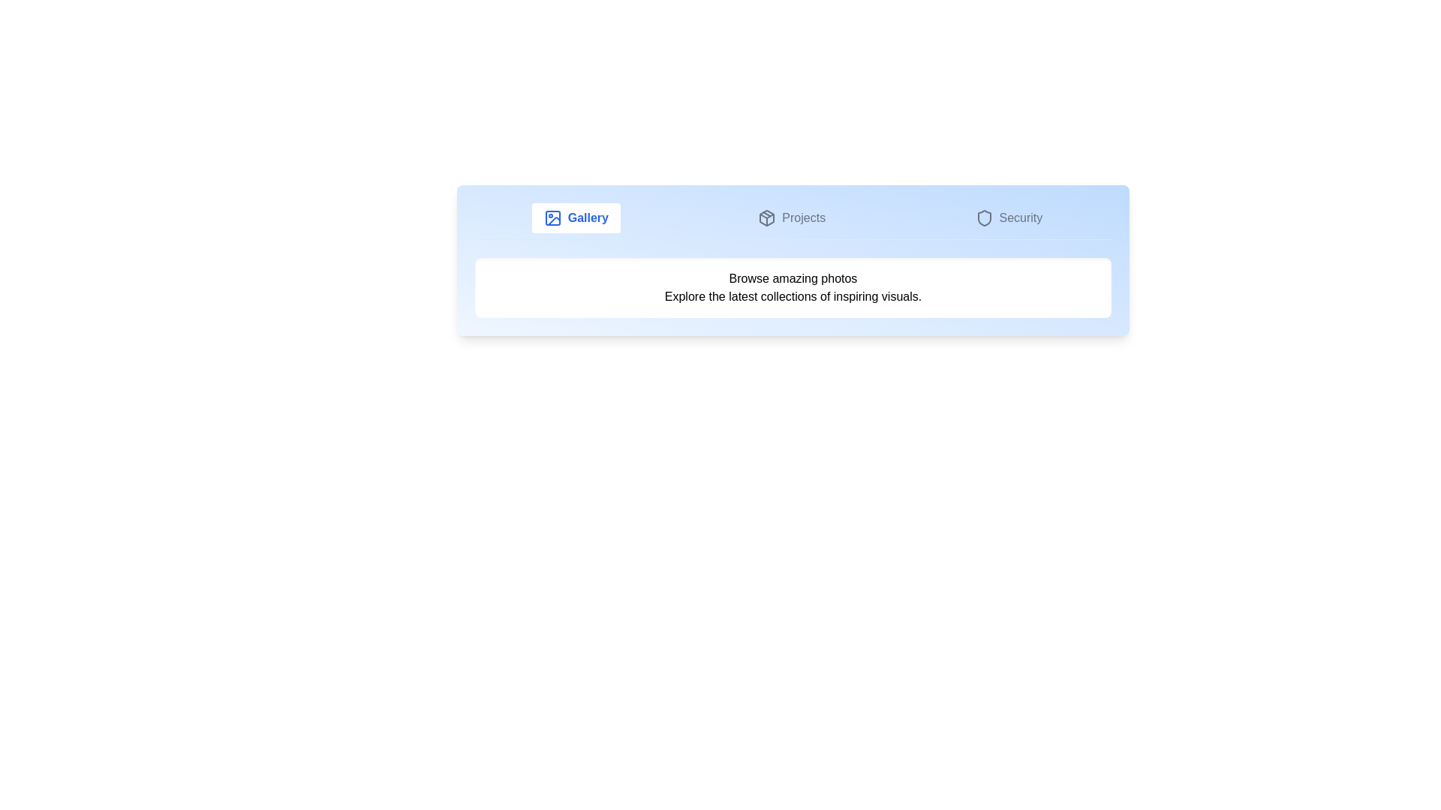 This screenshot has width=1441, height=810. Describe the element at coordinates (984, 217) in the screenshot. I see `the icon associated with the Security tab` at that location.